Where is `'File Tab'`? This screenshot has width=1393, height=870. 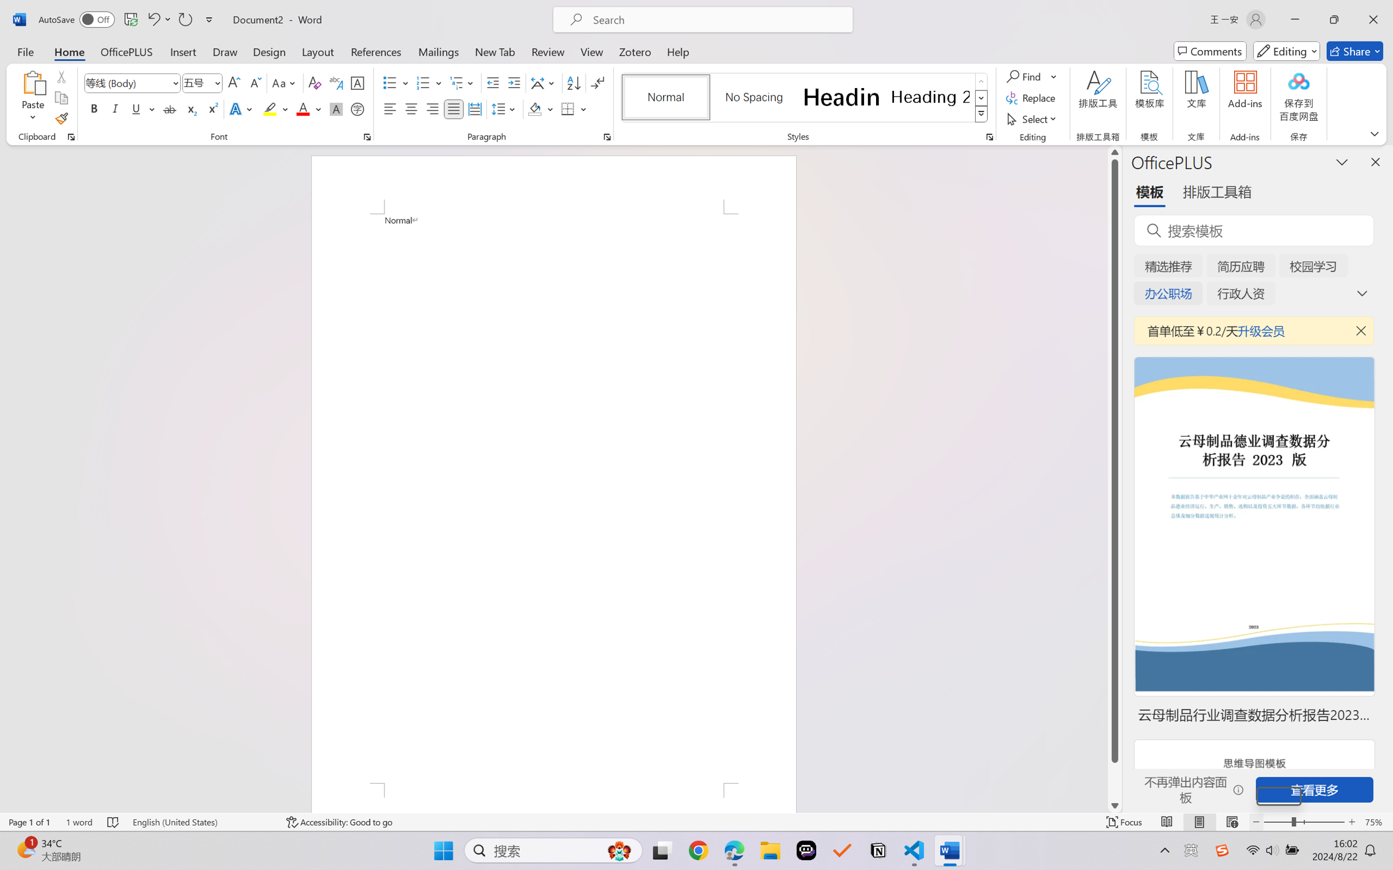
'File Tab' is located at coordinates (25, 51).